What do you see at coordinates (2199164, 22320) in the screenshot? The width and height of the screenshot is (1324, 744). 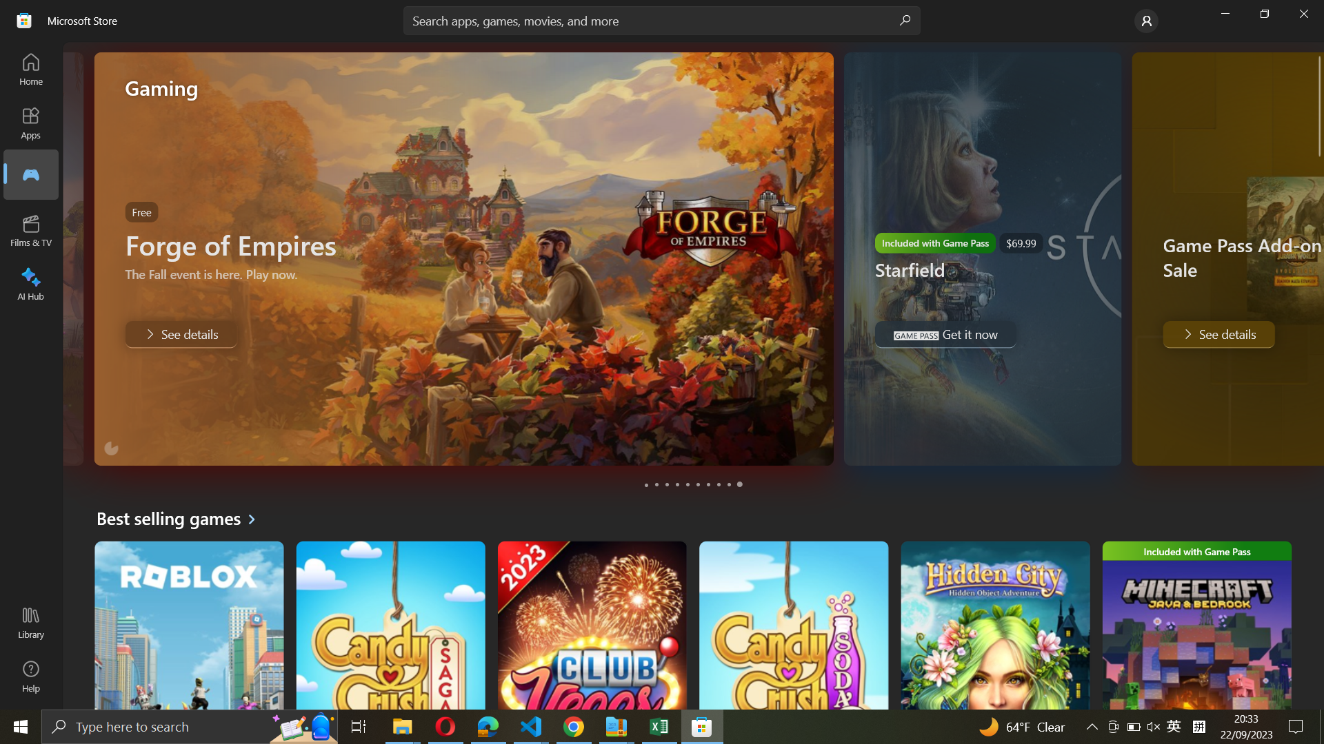 I see `Direct the mouse to the Account symbol` at bounding box center [2199164, 22320].